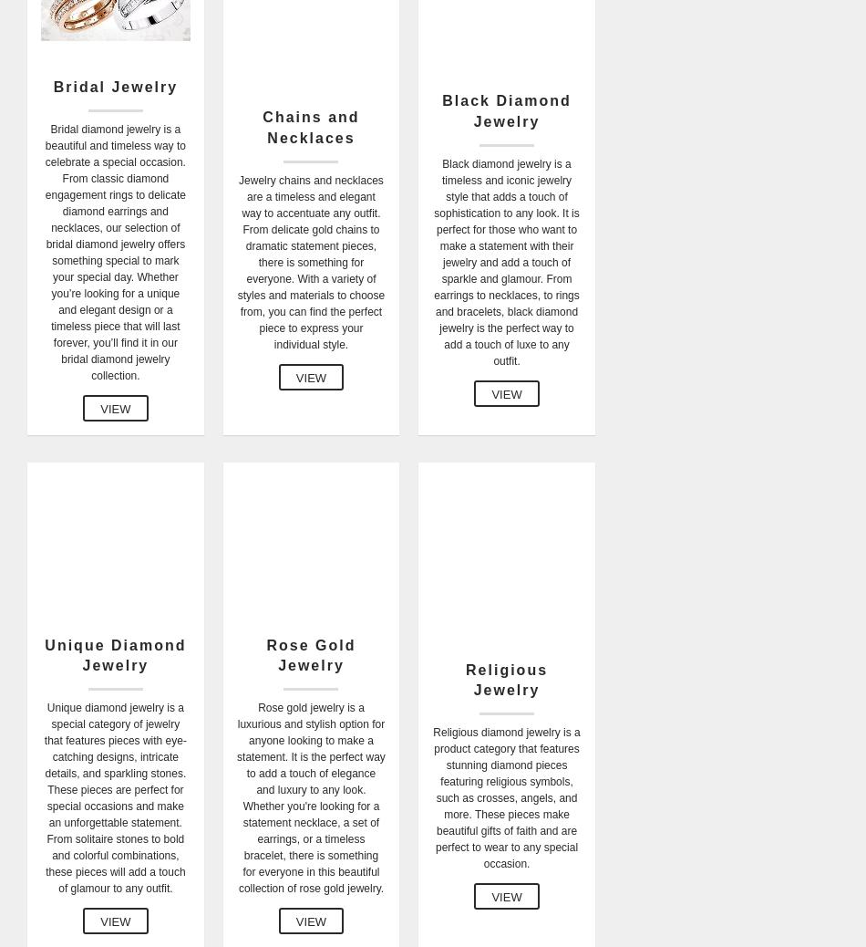 The image size is (866, 947). What do you see at coordinates (115, 85) in the screenshot?
I see `'Bridal Jewelry'` at bounding box center [115, 85].